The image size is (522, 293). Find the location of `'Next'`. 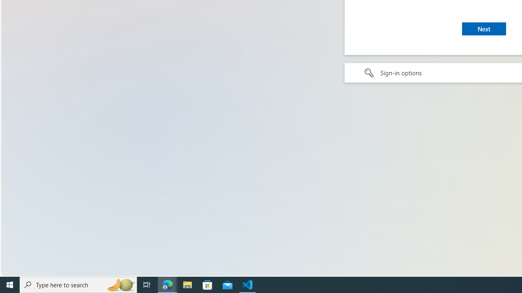

'Next' is located at coordinates (484, 28).